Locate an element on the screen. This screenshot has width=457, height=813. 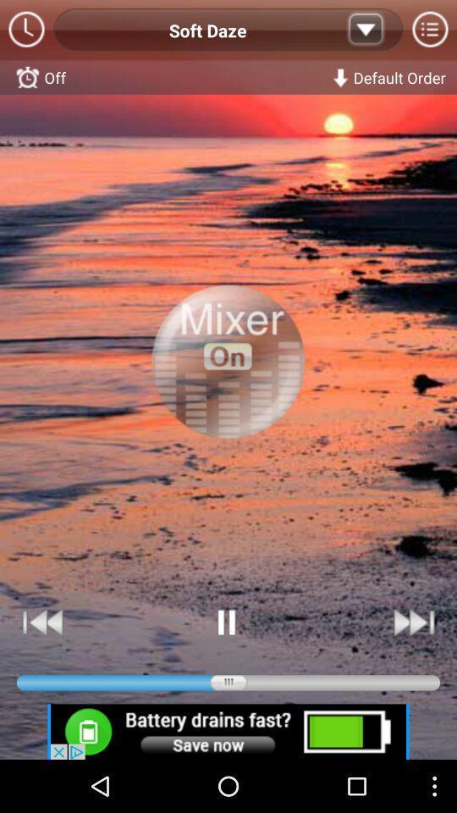
list button is located at coordinates (365, 30).